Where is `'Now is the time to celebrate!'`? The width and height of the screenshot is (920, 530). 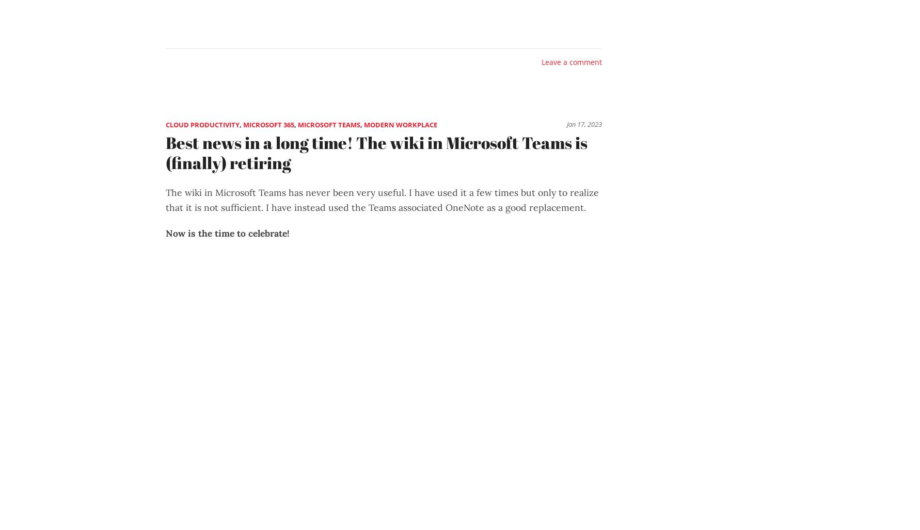
'Now is the time to celebrate!' is located at coordinates (228, 232).